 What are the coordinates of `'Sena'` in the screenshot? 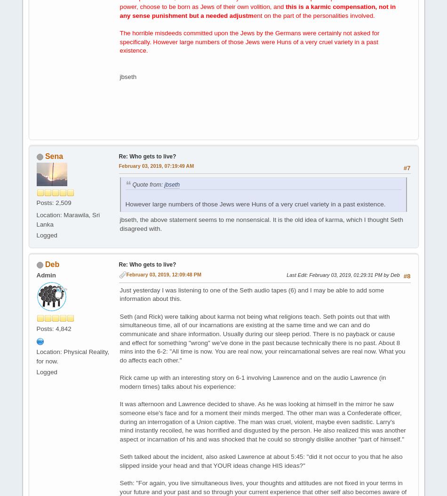 It's located at (45, 156).